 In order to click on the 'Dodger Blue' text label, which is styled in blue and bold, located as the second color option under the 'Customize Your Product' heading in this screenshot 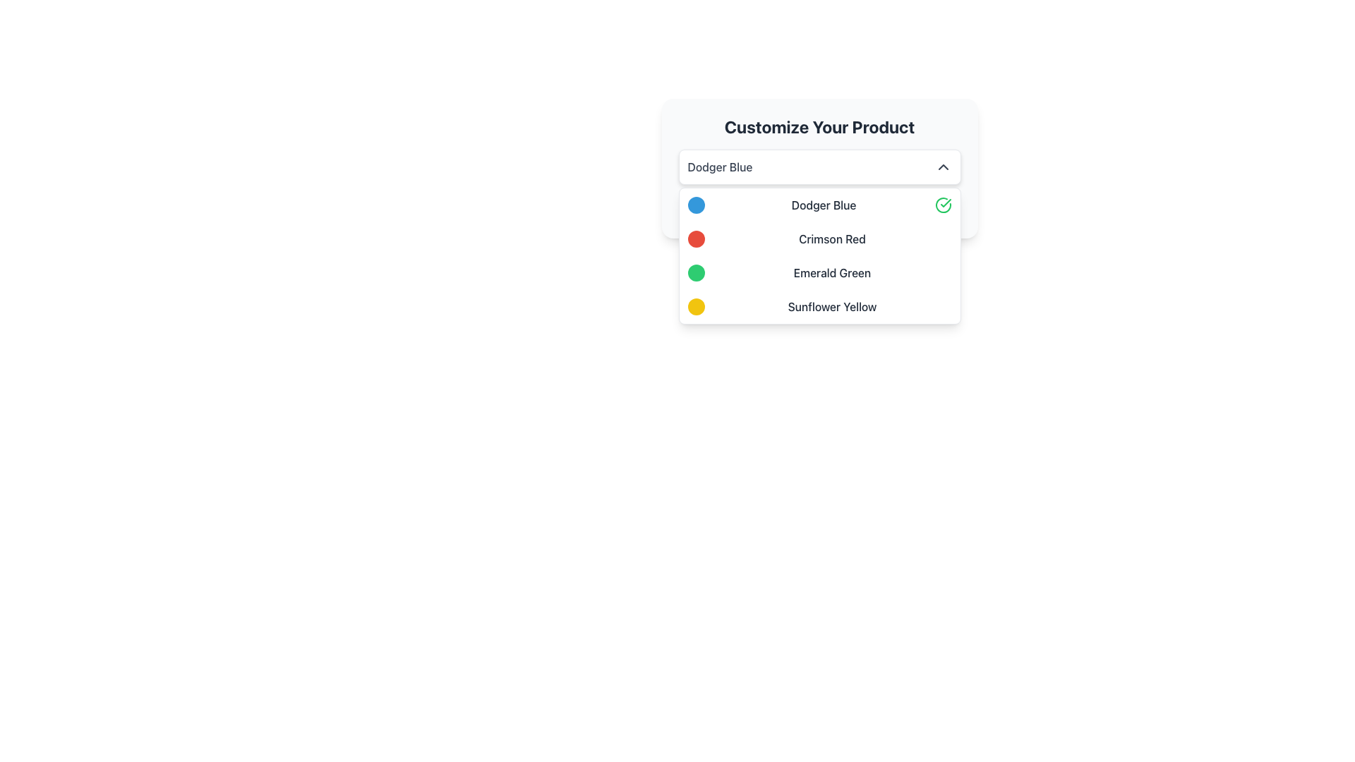, I will do `click(819, 212)`.